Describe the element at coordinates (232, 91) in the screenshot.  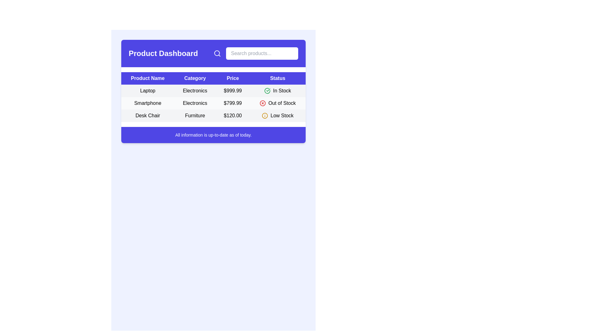
I see `the static text displaying the price '$999.99', which is the third column entry in the first row of the table under the 'Price' column` at that location.